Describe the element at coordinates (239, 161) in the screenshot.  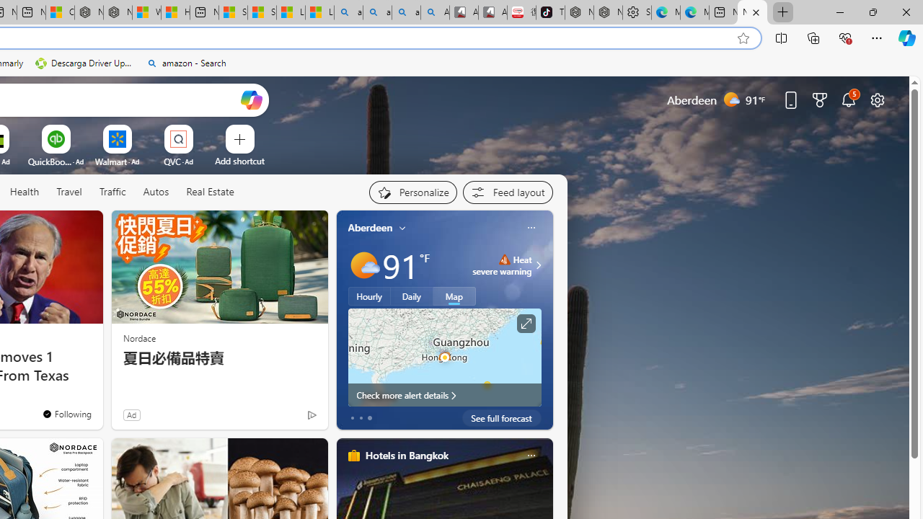
I see `'Add a site'` at that location.